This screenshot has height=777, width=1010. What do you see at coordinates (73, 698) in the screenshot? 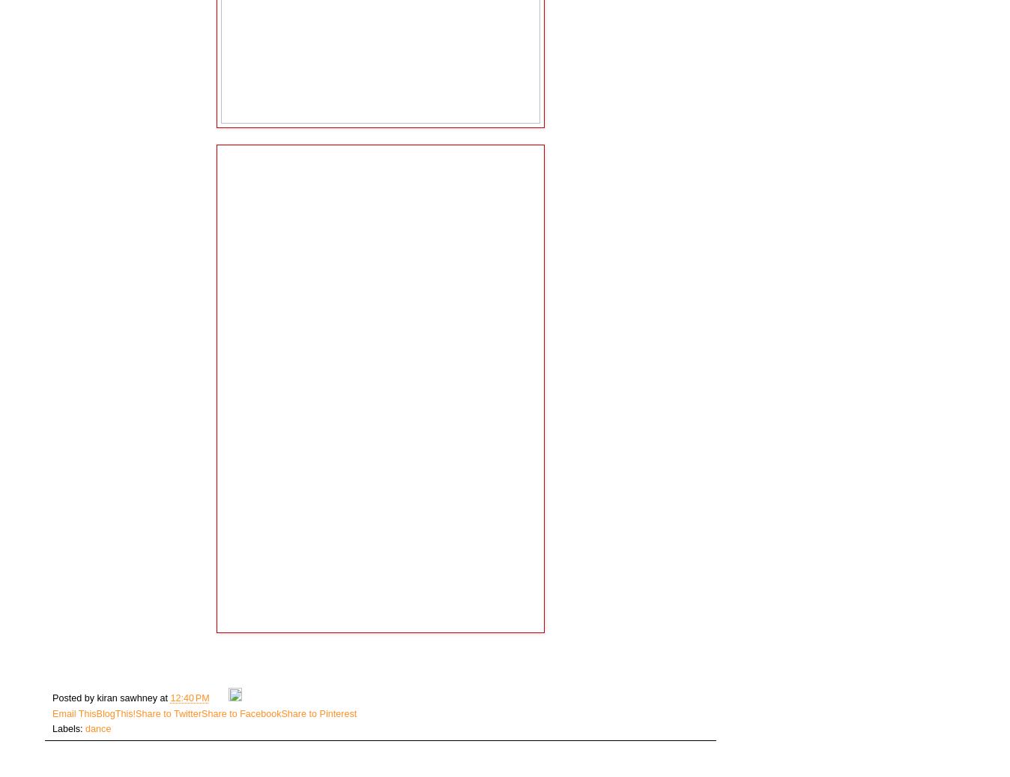
I see `'Posted by'` at bounding box center [73, 698].